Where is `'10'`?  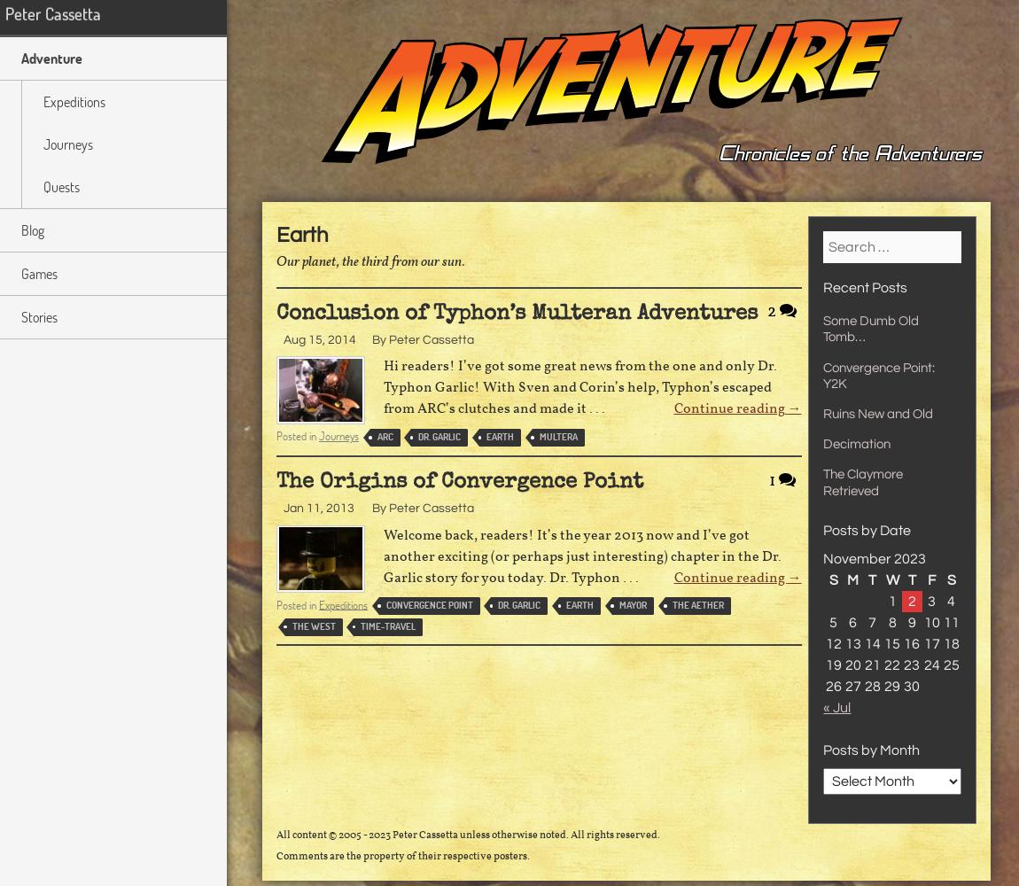
'10' is located at coordinates (923, 621).